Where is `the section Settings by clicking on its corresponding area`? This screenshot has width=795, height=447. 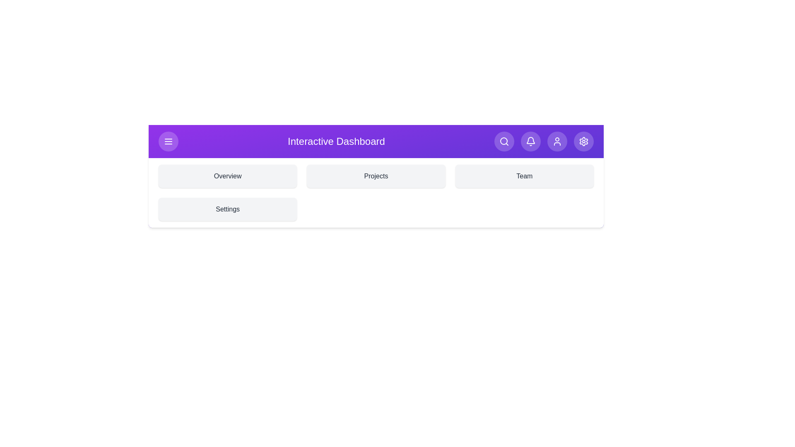
the section Settings by clicking on its corresponding area is located at coordinates (228, 209).